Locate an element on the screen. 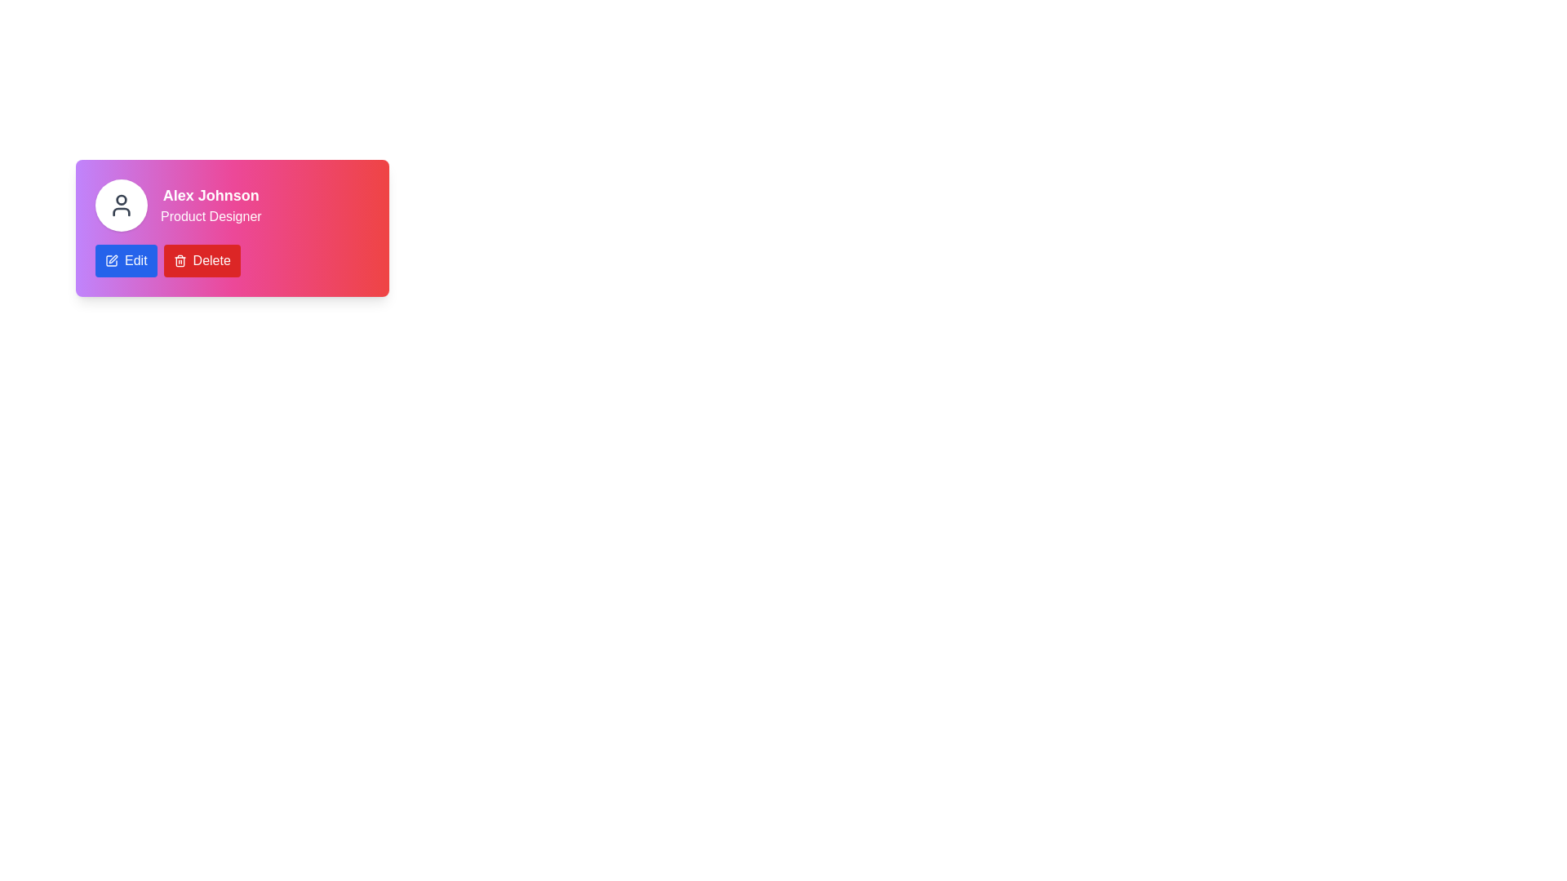 Image resolution: width=1567 pixels, height=881 pixels. the 'Delete' text label located at the bottom right portion of the card interface, which indicates the action to remove or discard an item is located at coordinates (211, 260).